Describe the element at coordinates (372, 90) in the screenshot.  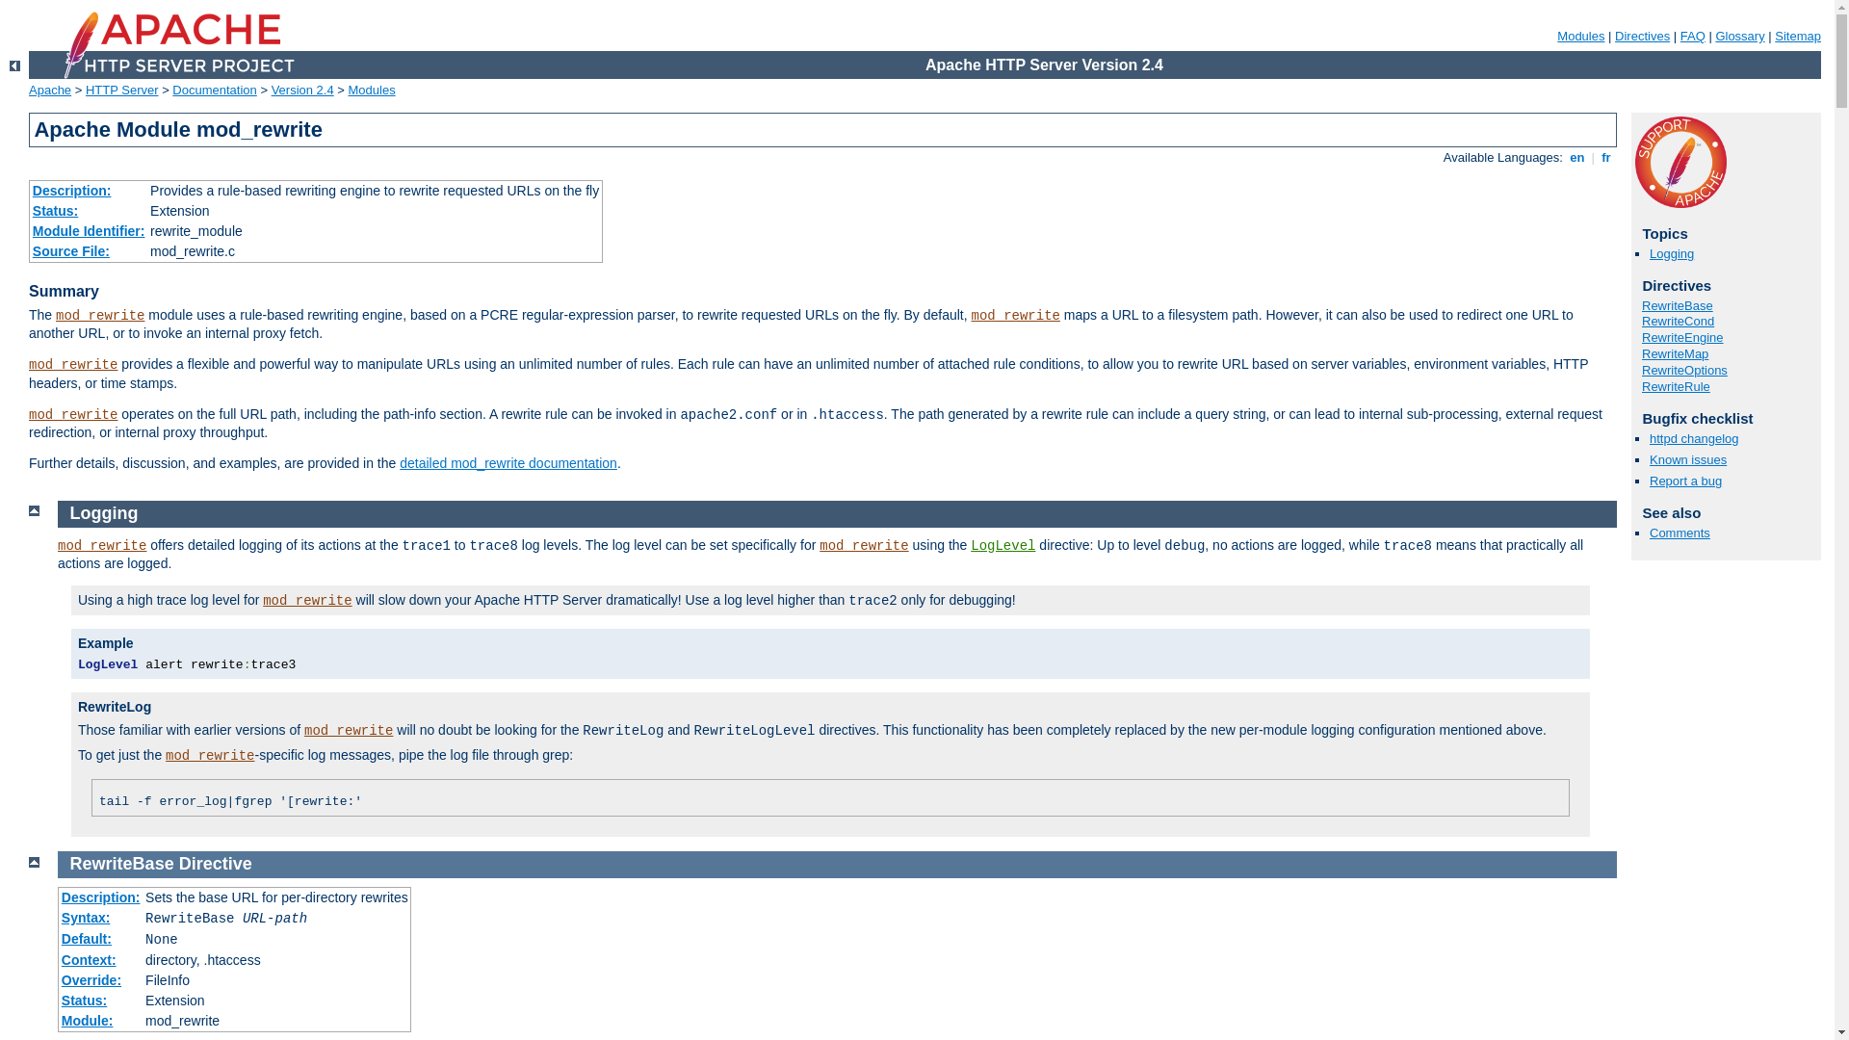
I see `'Modules'` at that location.